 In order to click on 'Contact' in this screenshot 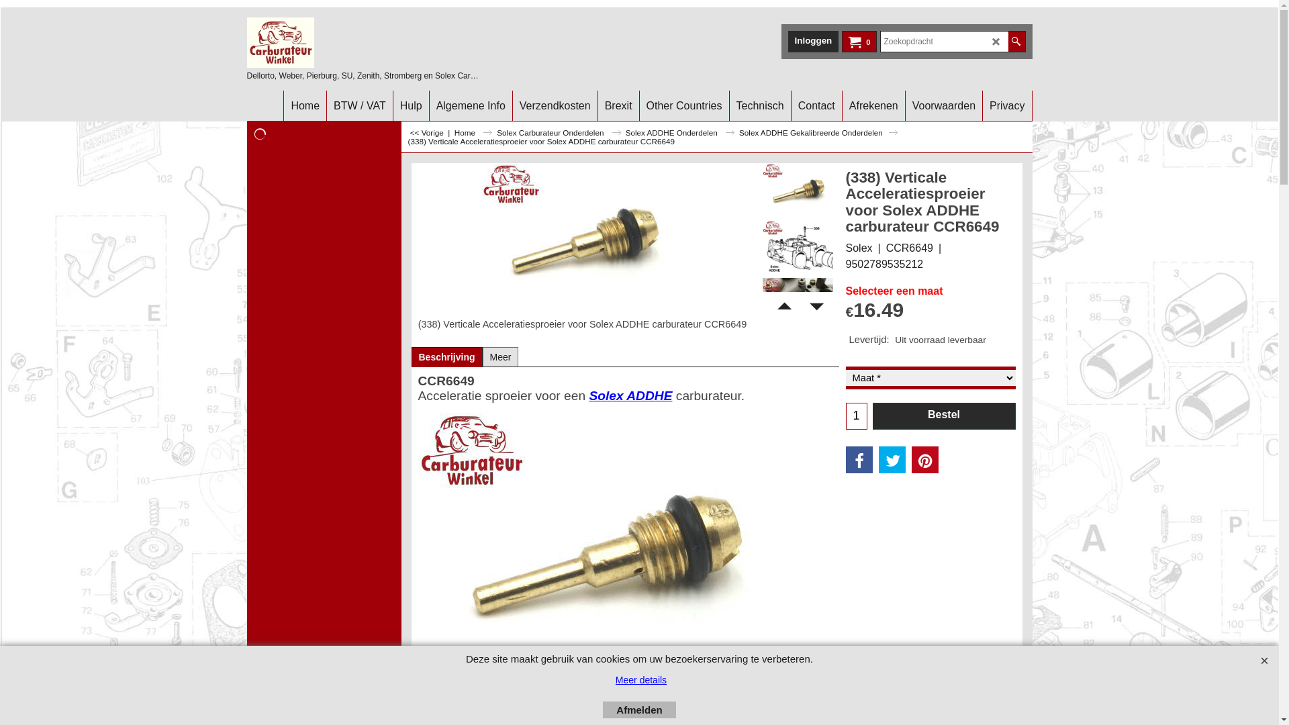, I will do `click(816, 105)`.